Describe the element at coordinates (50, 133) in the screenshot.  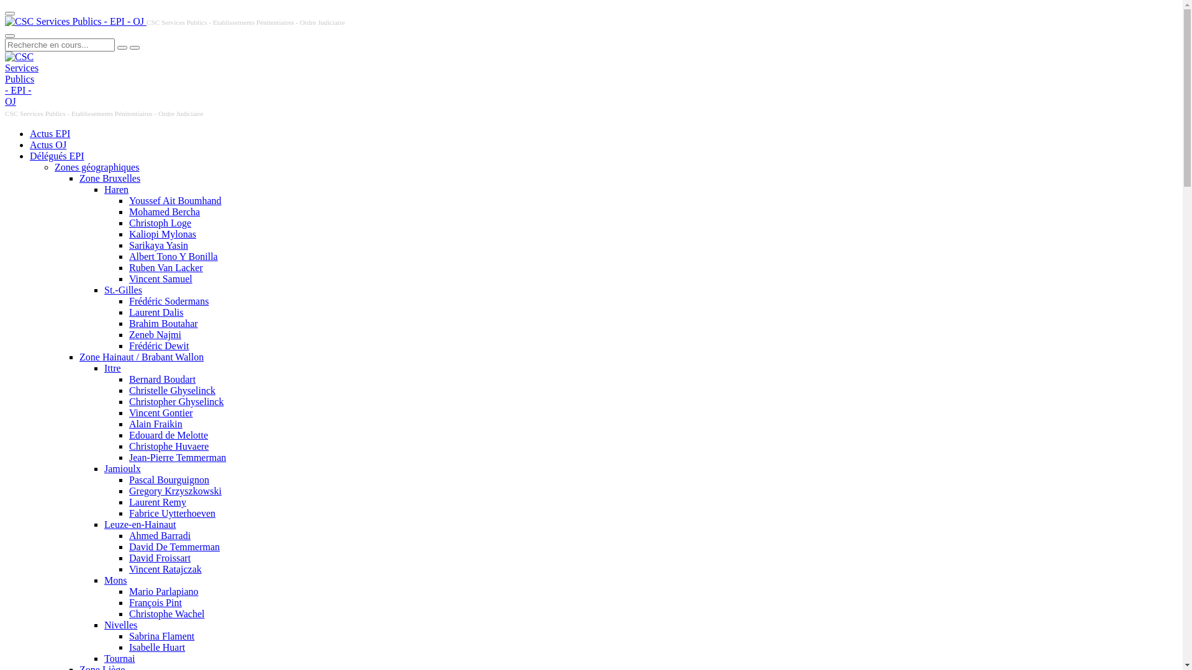
I see `'Actus EPI'` at that location.